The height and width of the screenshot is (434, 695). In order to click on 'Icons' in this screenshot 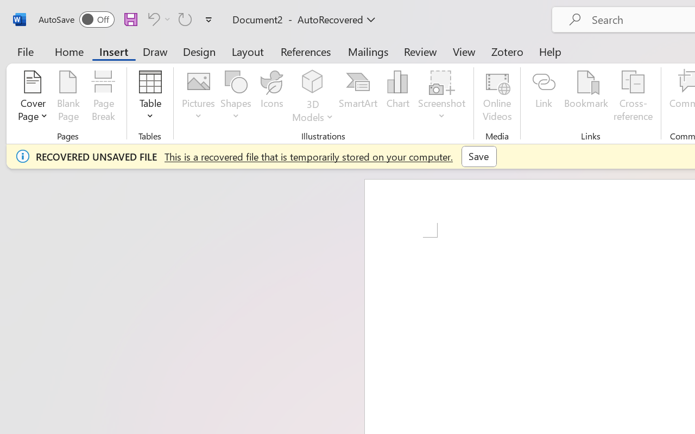, I will do `click(272, 97)`.